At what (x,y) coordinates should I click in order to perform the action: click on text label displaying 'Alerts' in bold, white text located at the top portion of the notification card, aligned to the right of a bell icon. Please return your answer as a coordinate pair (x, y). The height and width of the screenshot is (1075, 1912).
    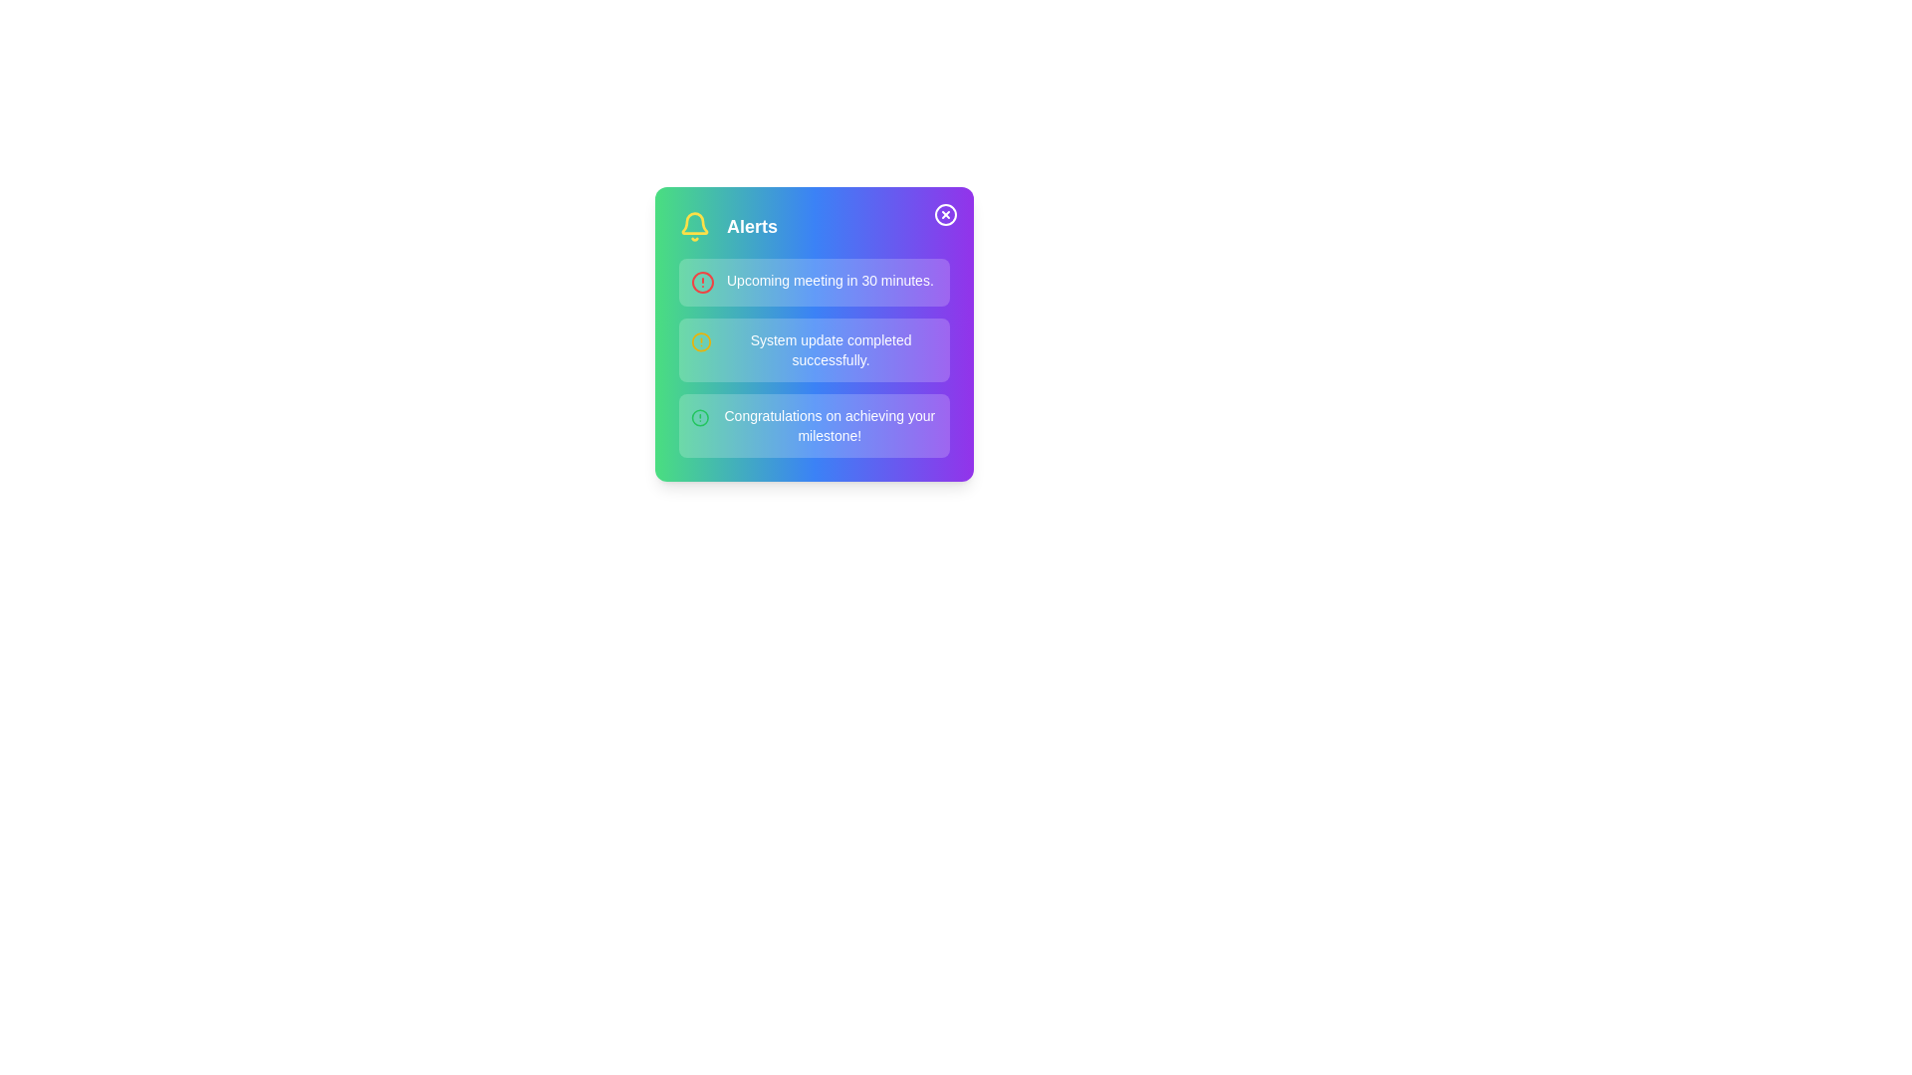
    Looking at the image, I should click on (751, 225).